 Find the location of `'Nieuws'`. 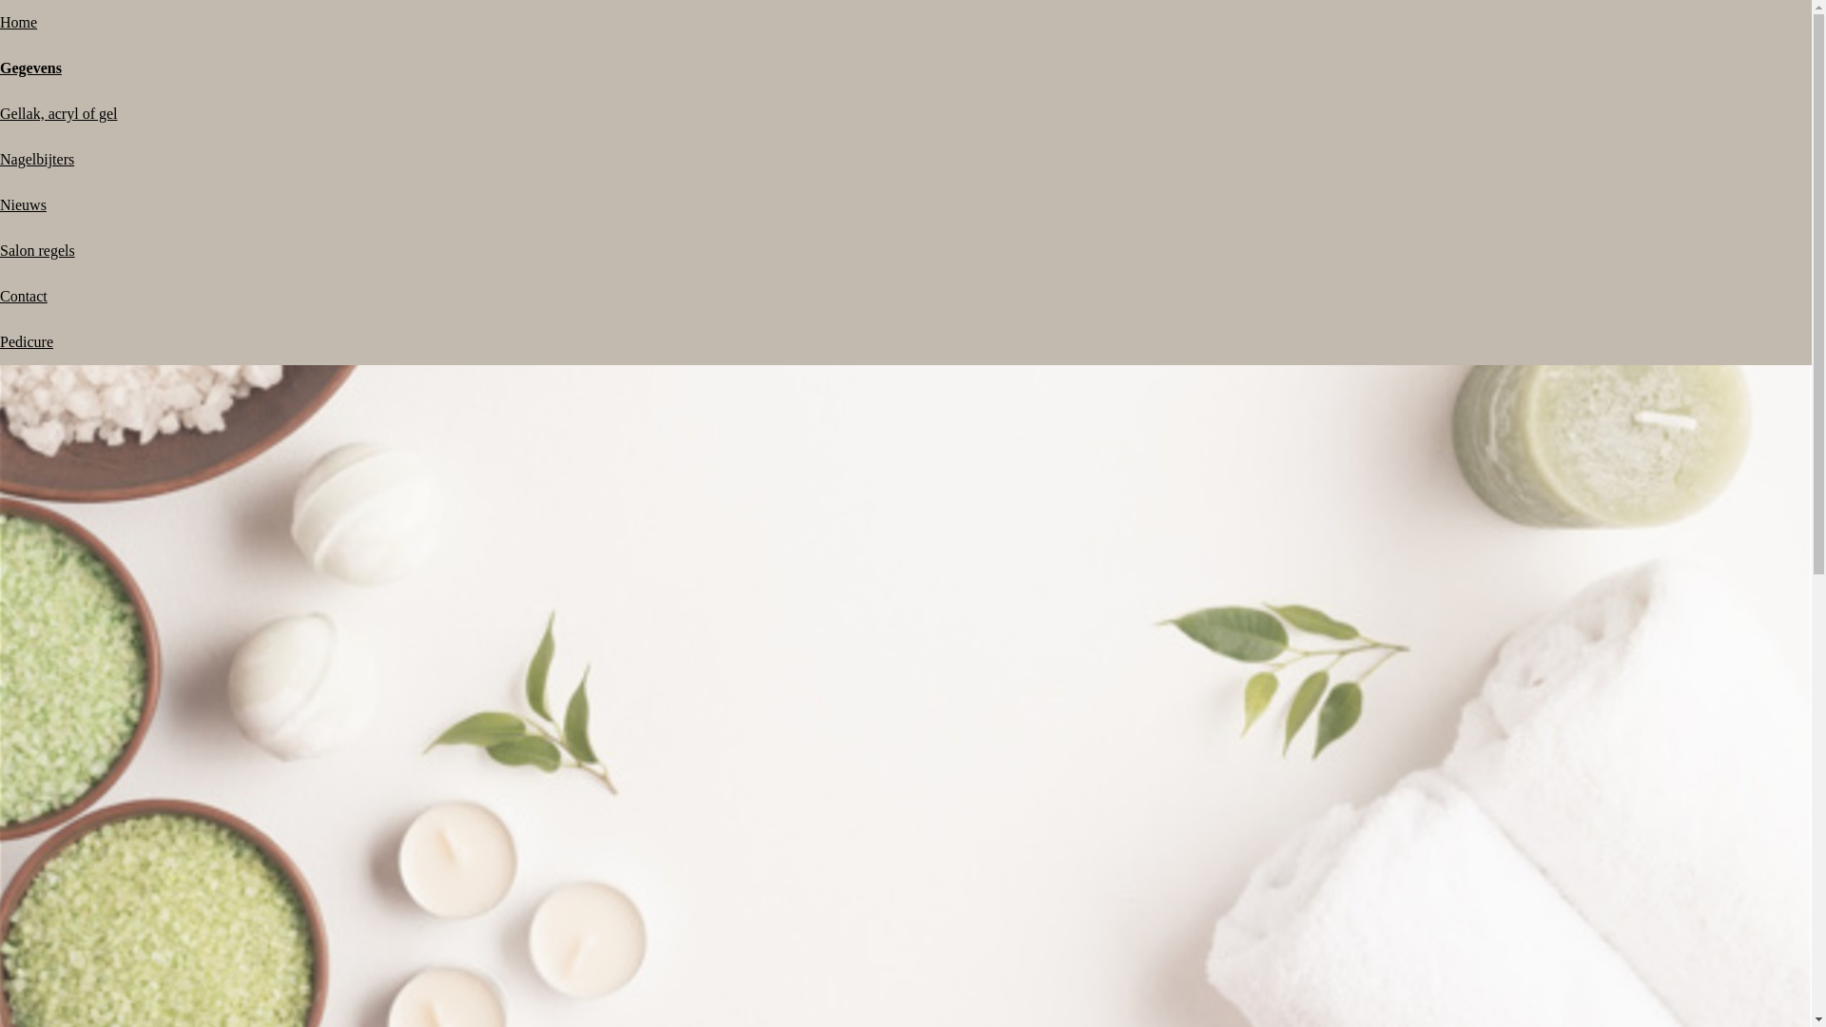

'Nieuws' is located at coordinates (0, 204).